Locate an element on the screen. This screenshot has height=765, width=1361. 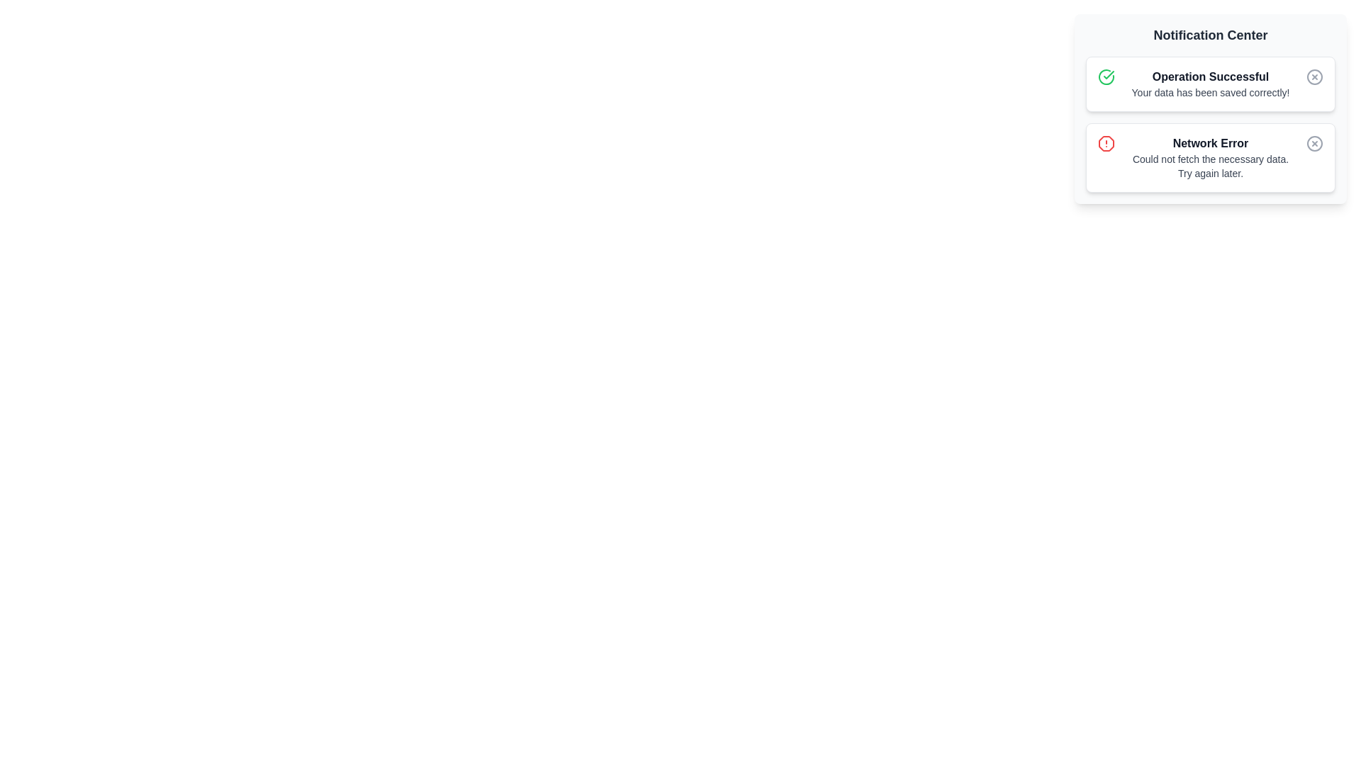
the Graphical SVG component that represents the 'Operation Successful' status in the first notification card of the notification center is located at coordinates (1105, 76).